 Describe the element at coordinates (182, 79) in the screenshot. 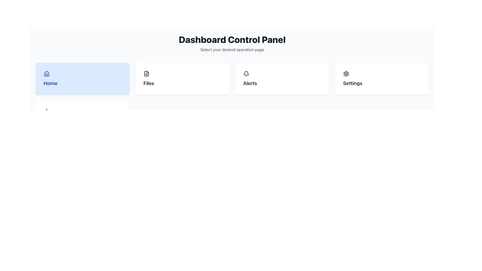

I see `the navigation button for 'Files' in the dashboard, which is the second card in the grid, located between the 'Home' and 'Alerts' cards` at that location.